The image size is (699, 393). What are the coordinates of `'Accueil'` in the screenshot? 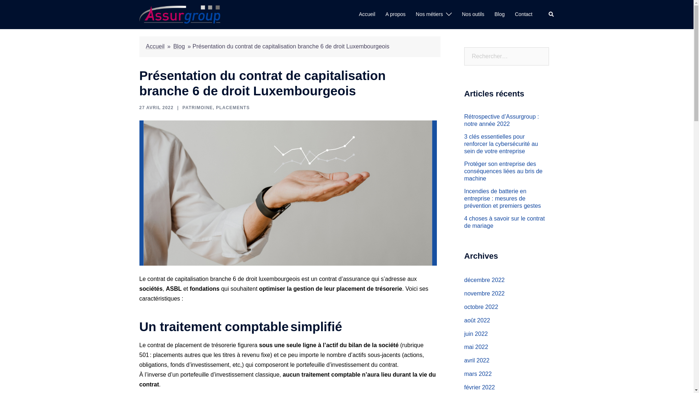 It's located at (367, 14).